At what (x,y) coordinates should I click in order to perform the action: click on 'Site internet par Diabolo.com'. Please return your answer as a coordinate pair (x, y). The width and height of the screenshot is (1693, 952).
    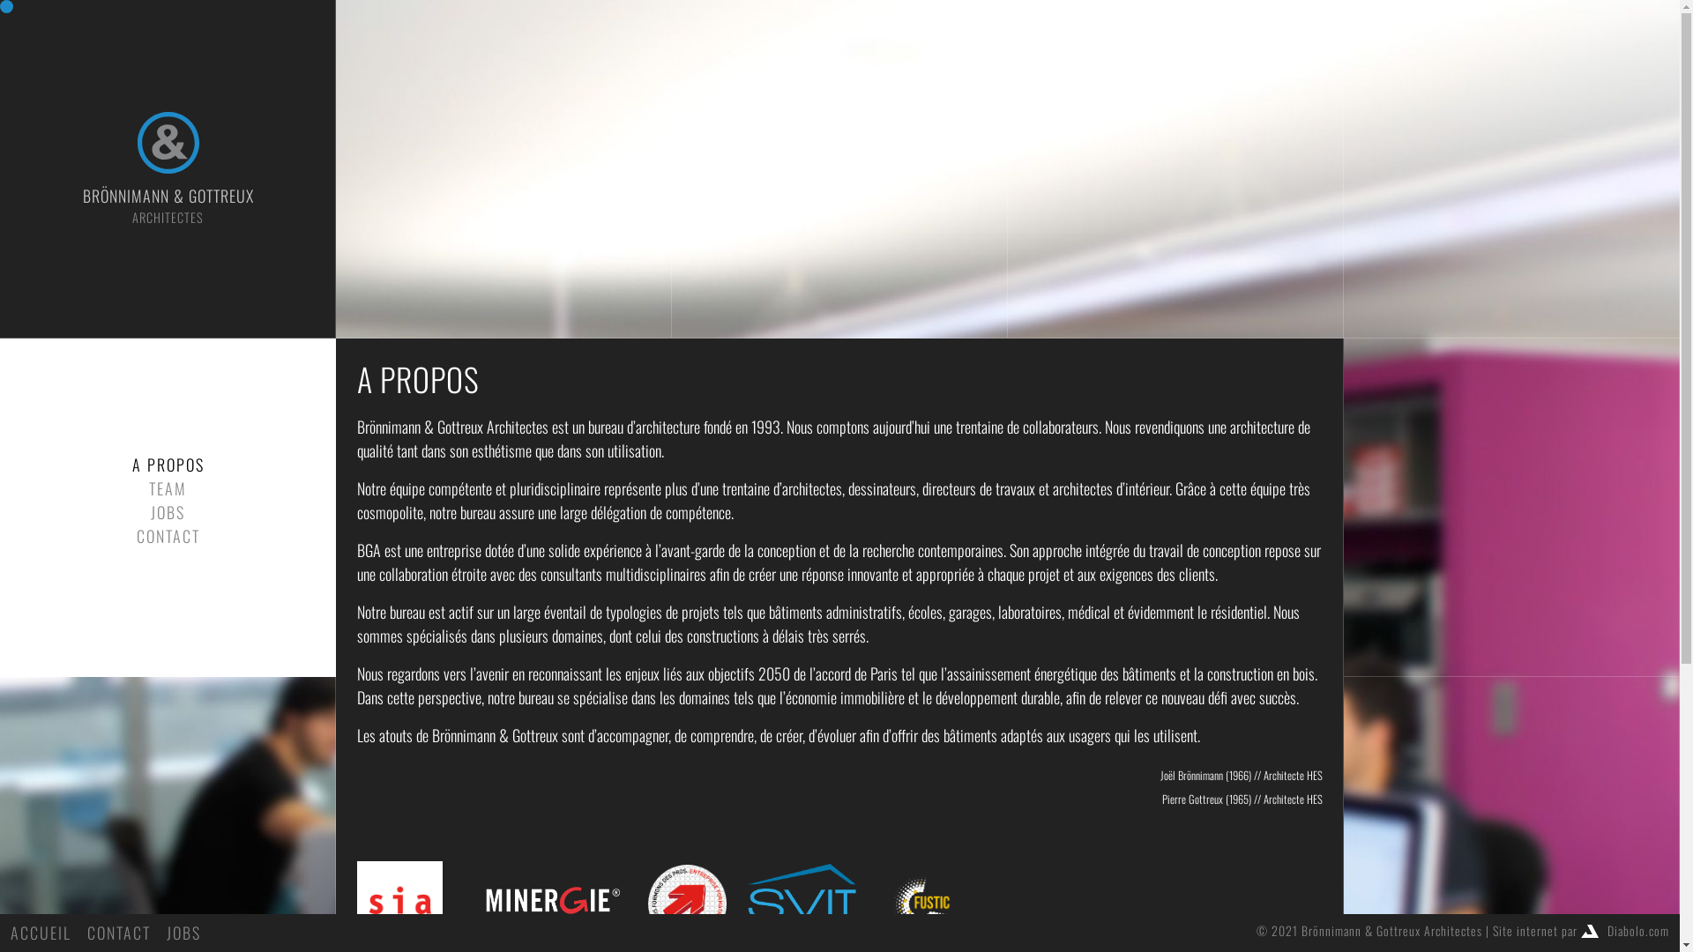
    Looking at the image, I should click on (1581, 929).